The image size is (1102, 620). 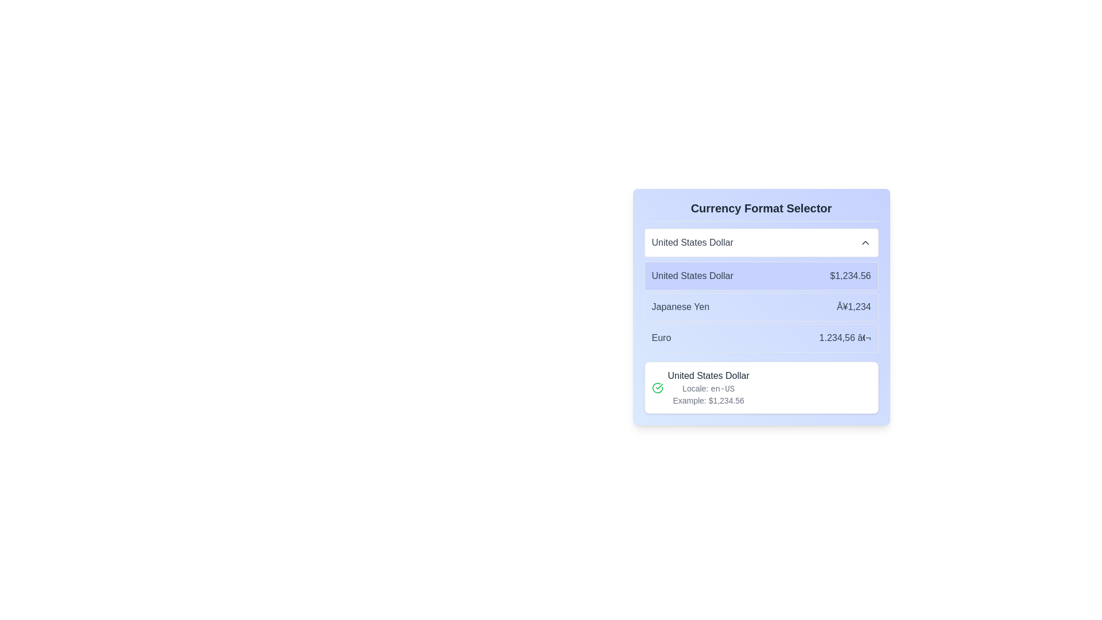 I want to click on the Informational Text Block providing details about the selected currency format to use this information for currency format understanding, so click(x=708, y=387).